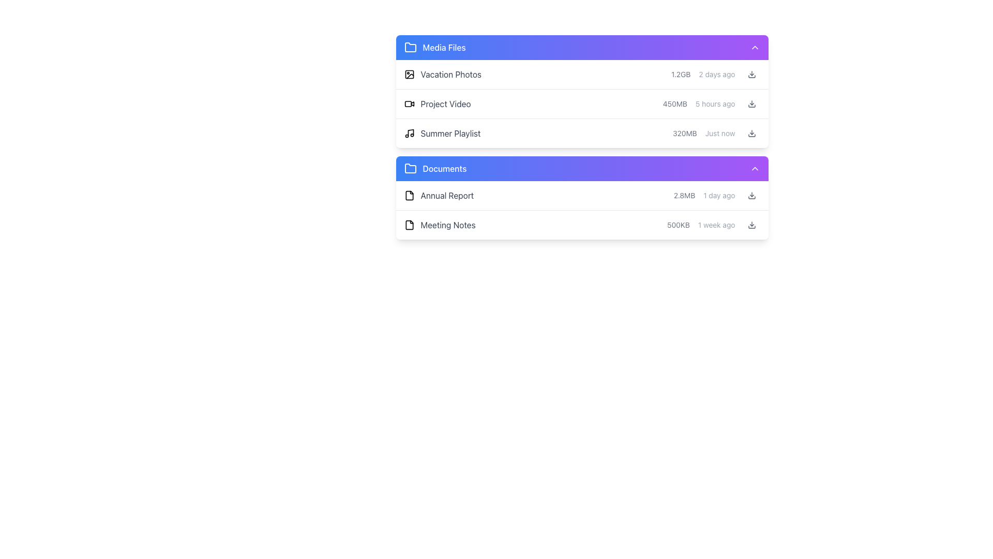 Image resolution: width=993 pixels, height=559 pixels. What do you see at coordinates (582, 137) in the screenshot?
I see `the third list item` at bounding box center [582, 137].